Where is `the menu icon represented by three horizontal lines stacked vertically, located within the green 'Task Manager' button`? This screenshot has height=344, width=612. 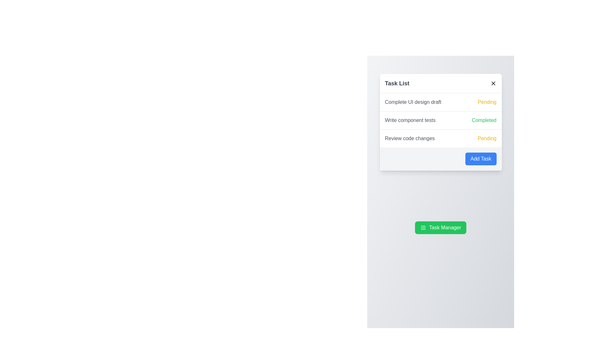
the menu icon represented by three horizontal lines stacked vertically, located within the green 'Task Manager' button is located at coordinates (423, 227).